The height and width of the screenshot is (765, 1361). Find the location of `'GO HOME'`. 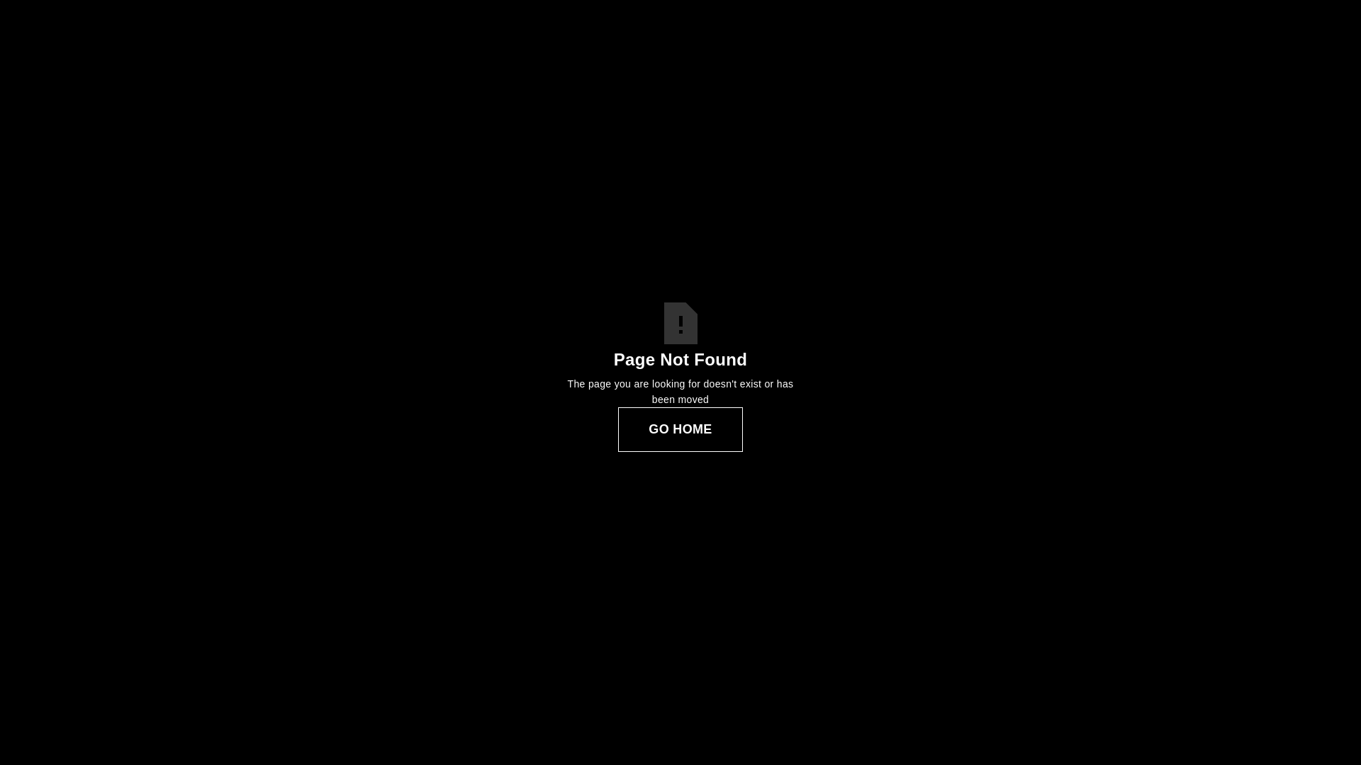

'GO HOME' is located at coordinates (679, 429).